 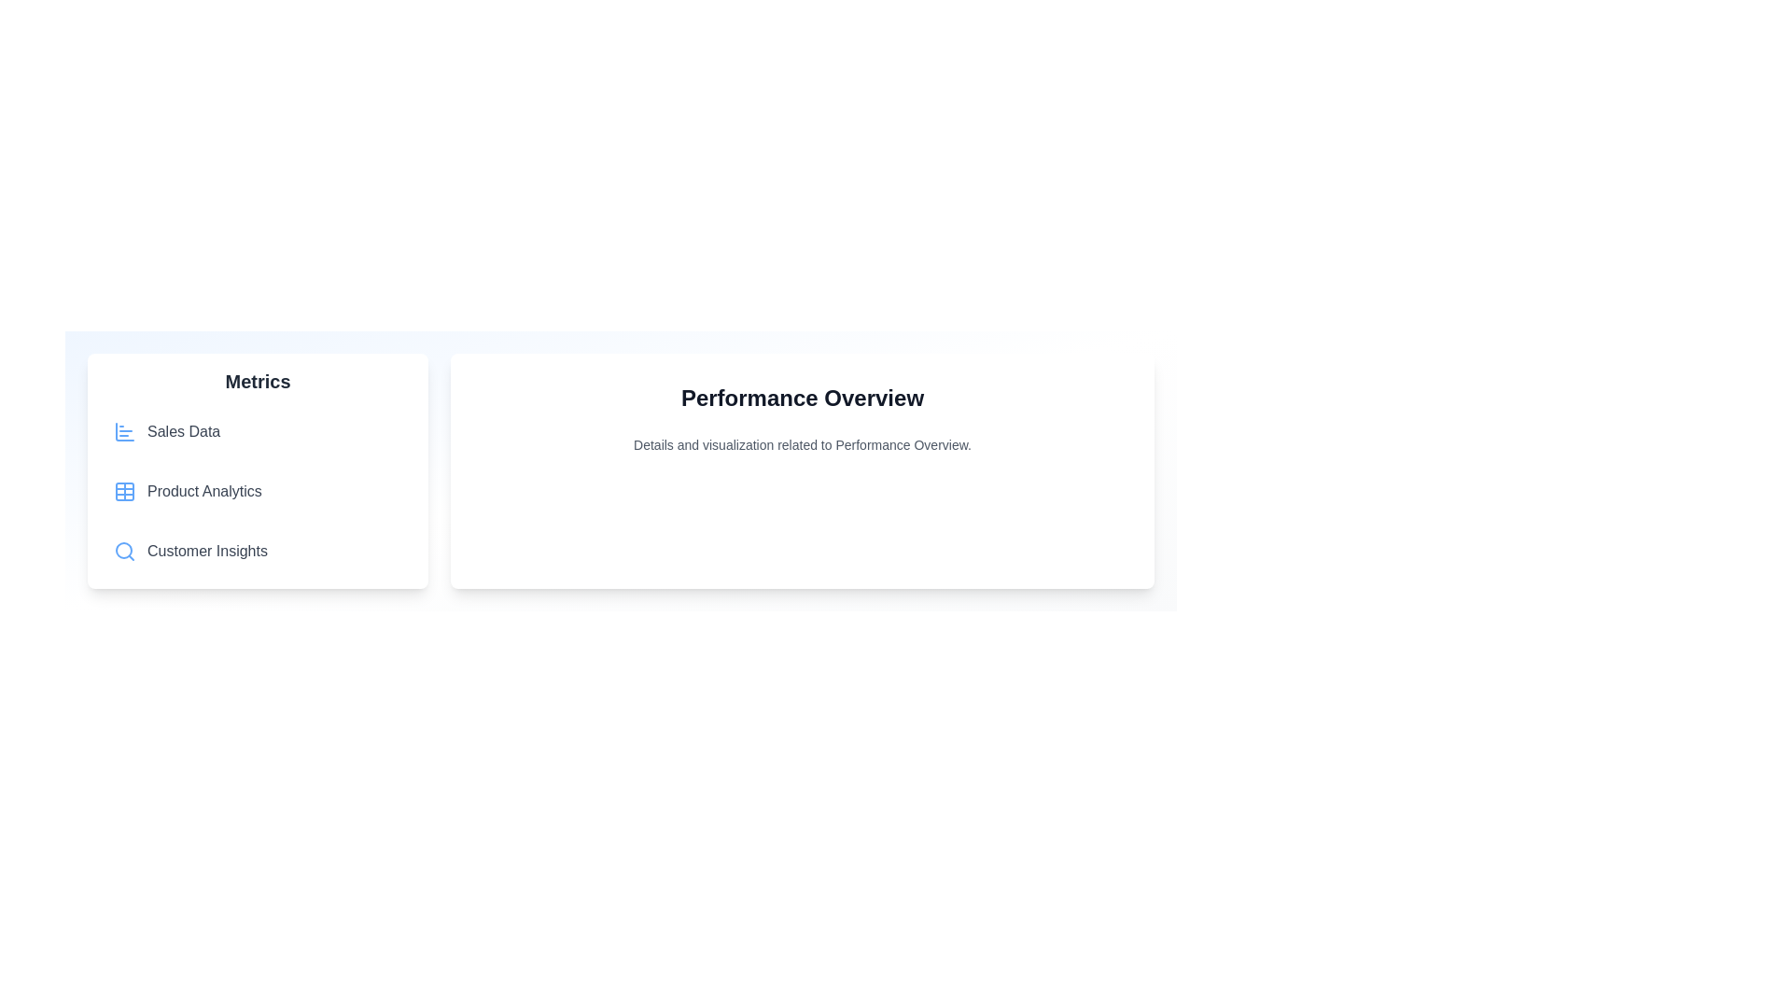 I want to click on the Navigation List item in the 'Metrics' card layout, so click(x=257, y=491).